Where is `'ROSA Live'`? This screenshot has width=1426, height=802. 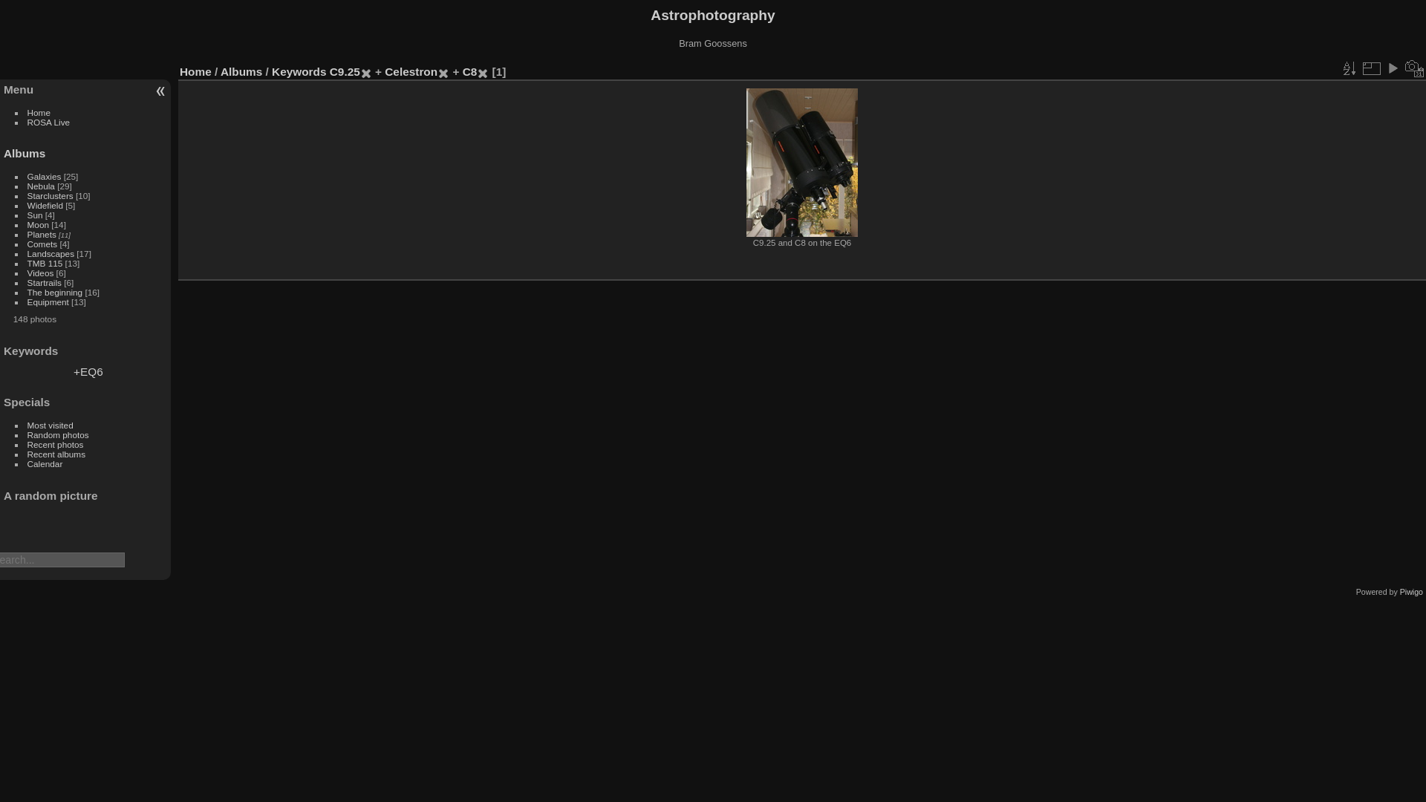 'ROSA Live' is located at coordinates (49, 121).